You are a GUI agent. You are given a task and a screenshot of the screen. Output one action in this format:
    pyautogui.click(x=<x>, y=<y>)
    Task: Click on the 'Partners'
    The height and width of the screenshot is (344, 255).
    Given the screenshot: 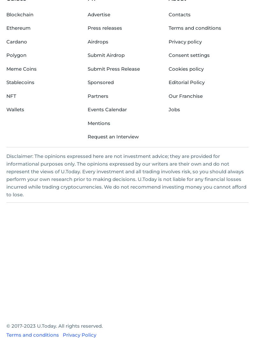 What is the action you would take?
    pyautogui.click(x=87, y=95)
    